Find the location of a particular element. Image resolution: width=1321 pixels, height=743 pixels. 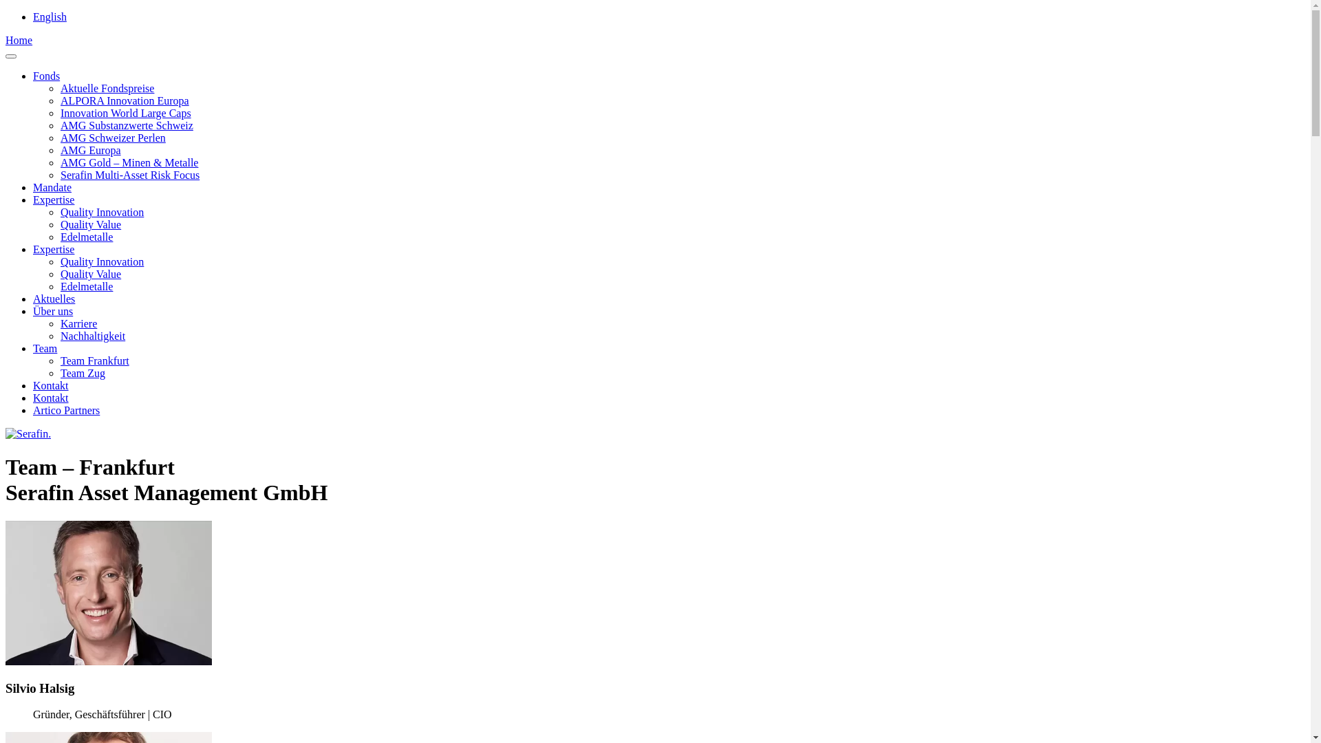

'Expertise' is located at coordinates (53, 200).